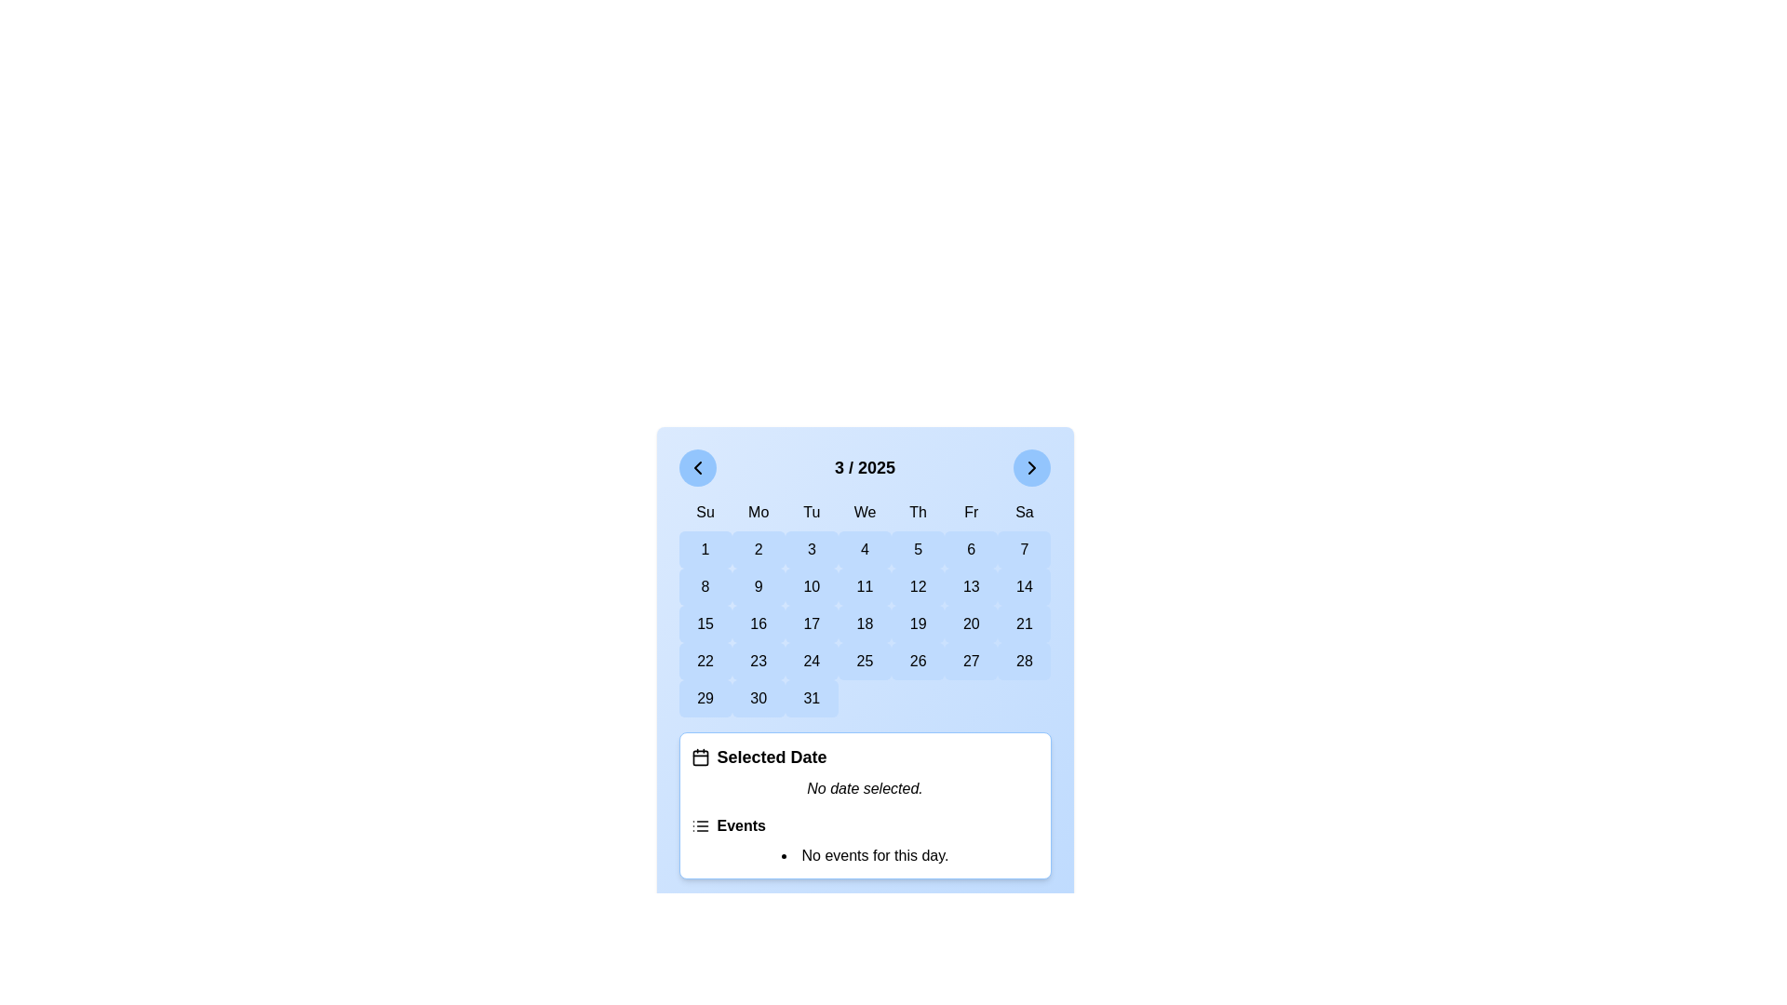 The image size is (1787, 1005). What do you see at coordinates (699, 824) in the screenshot?
I see `the 'Events' icon, which serves as a visual indicator located to the left of the 'Events' text within a card-like structure beneath the calendar interface` at bounding box center [699, 824].